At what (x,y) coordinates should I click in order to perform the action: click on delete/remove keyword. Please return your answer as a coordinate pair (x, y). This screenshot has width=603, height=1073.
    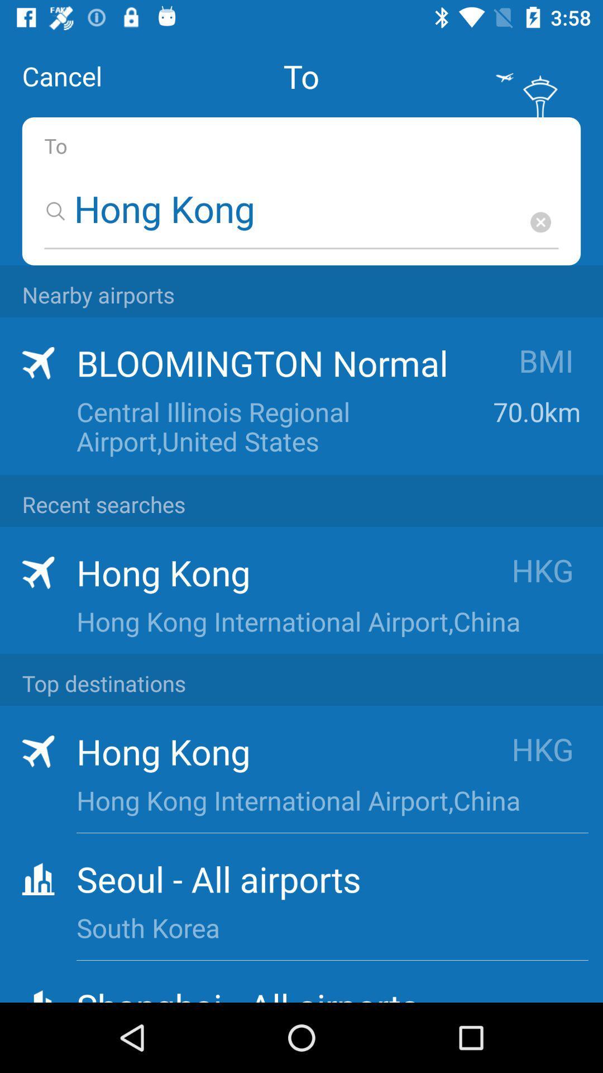
    Looking at the image, I should click on (540, 222).